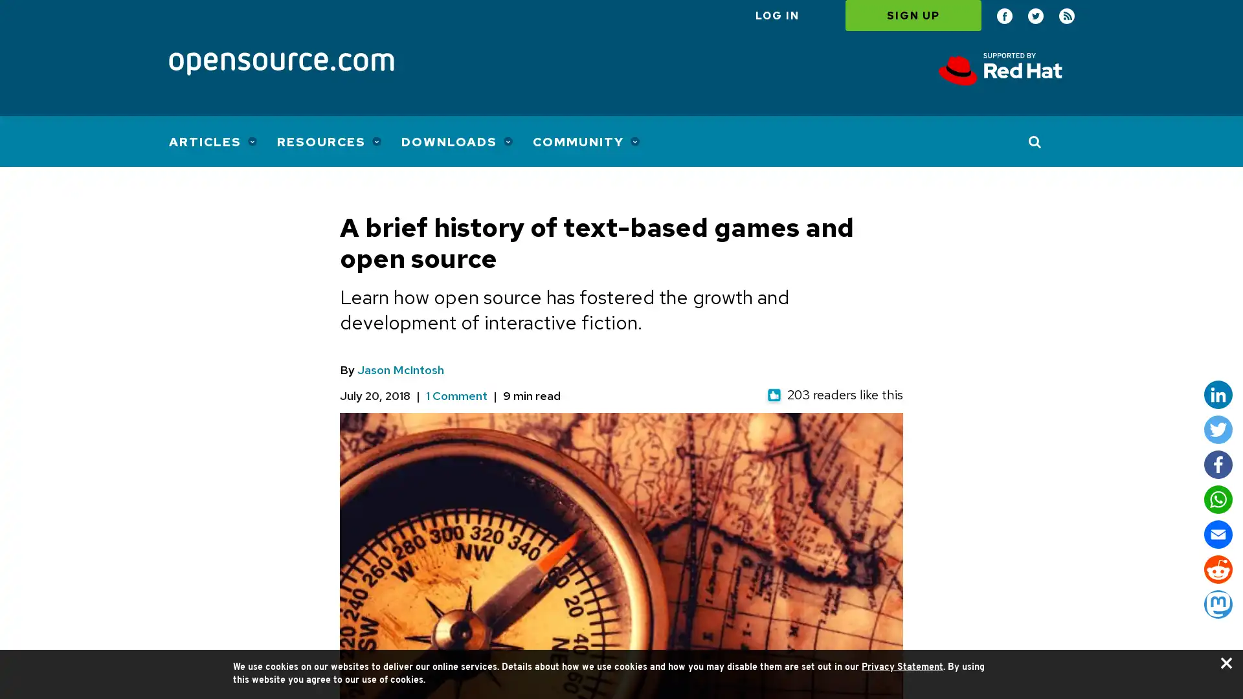  Describe the element at coordinates (1035, 141) in the screenshot. I see `Toggle Search` at that location.